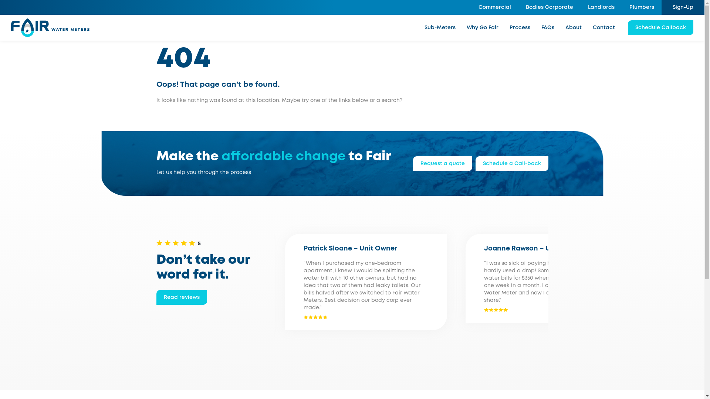  What do you see at coordinates (156, 297) in the screenshot?
I see `'Read reviews'` at bounding box center [156, 297].